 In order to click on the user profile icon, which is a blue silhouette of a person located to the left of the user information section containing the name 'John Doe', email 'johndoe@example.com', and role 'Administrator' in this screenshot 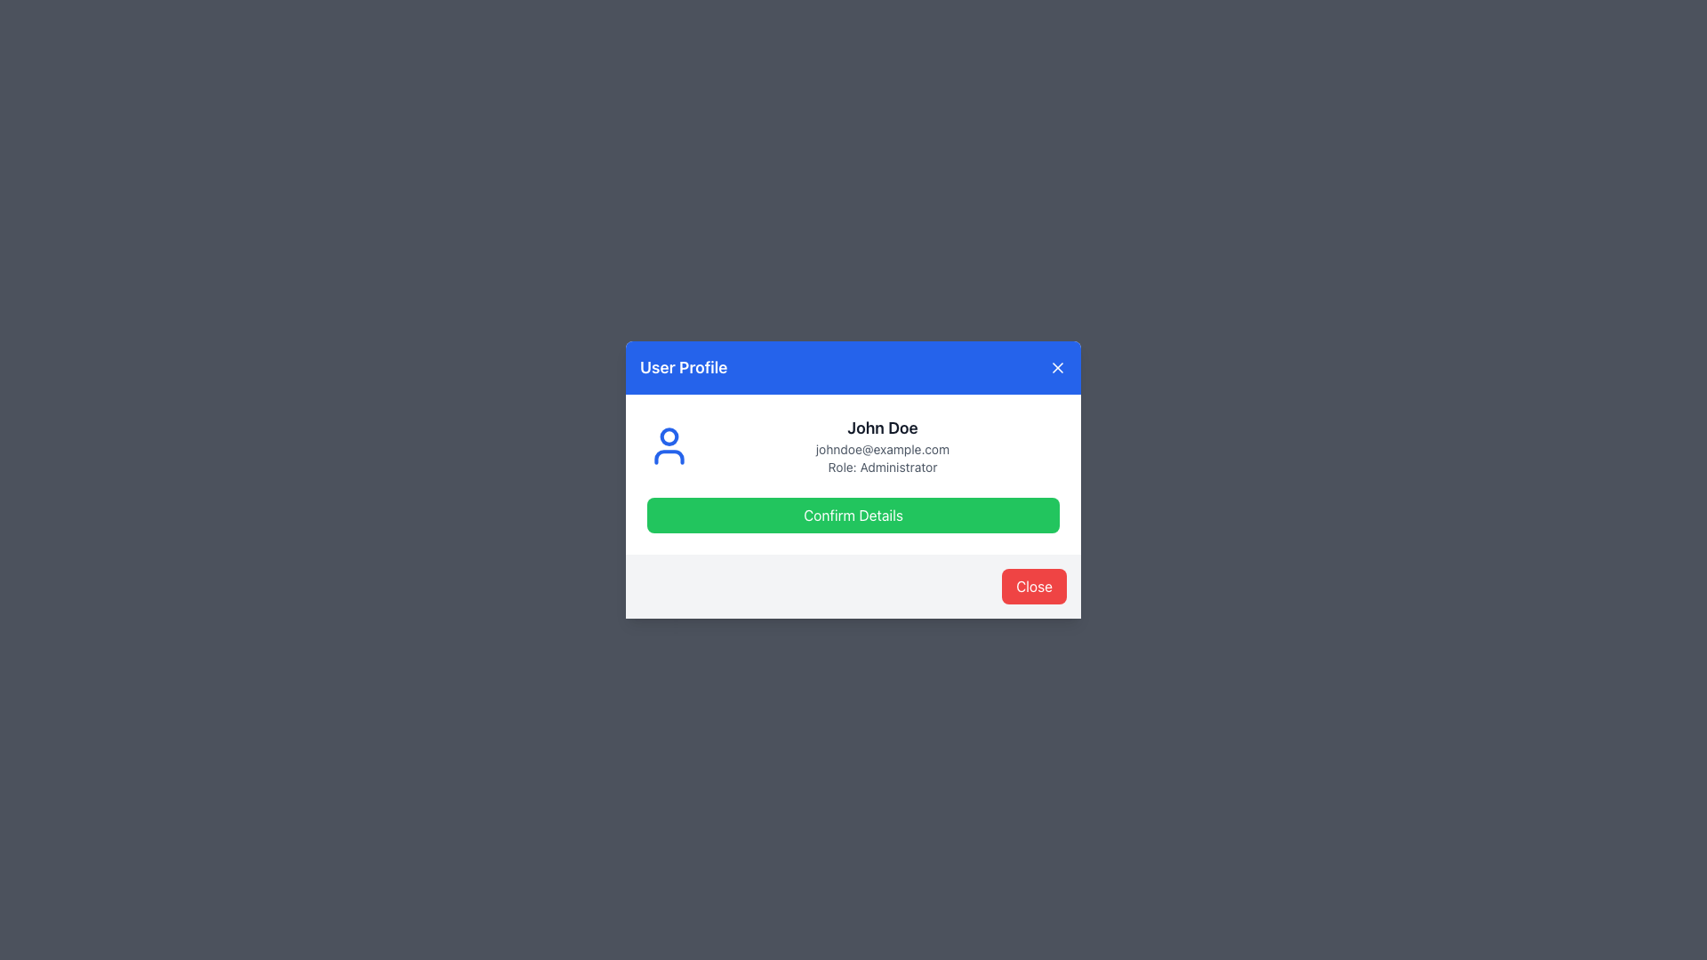, I will do `click(669, 444)`.